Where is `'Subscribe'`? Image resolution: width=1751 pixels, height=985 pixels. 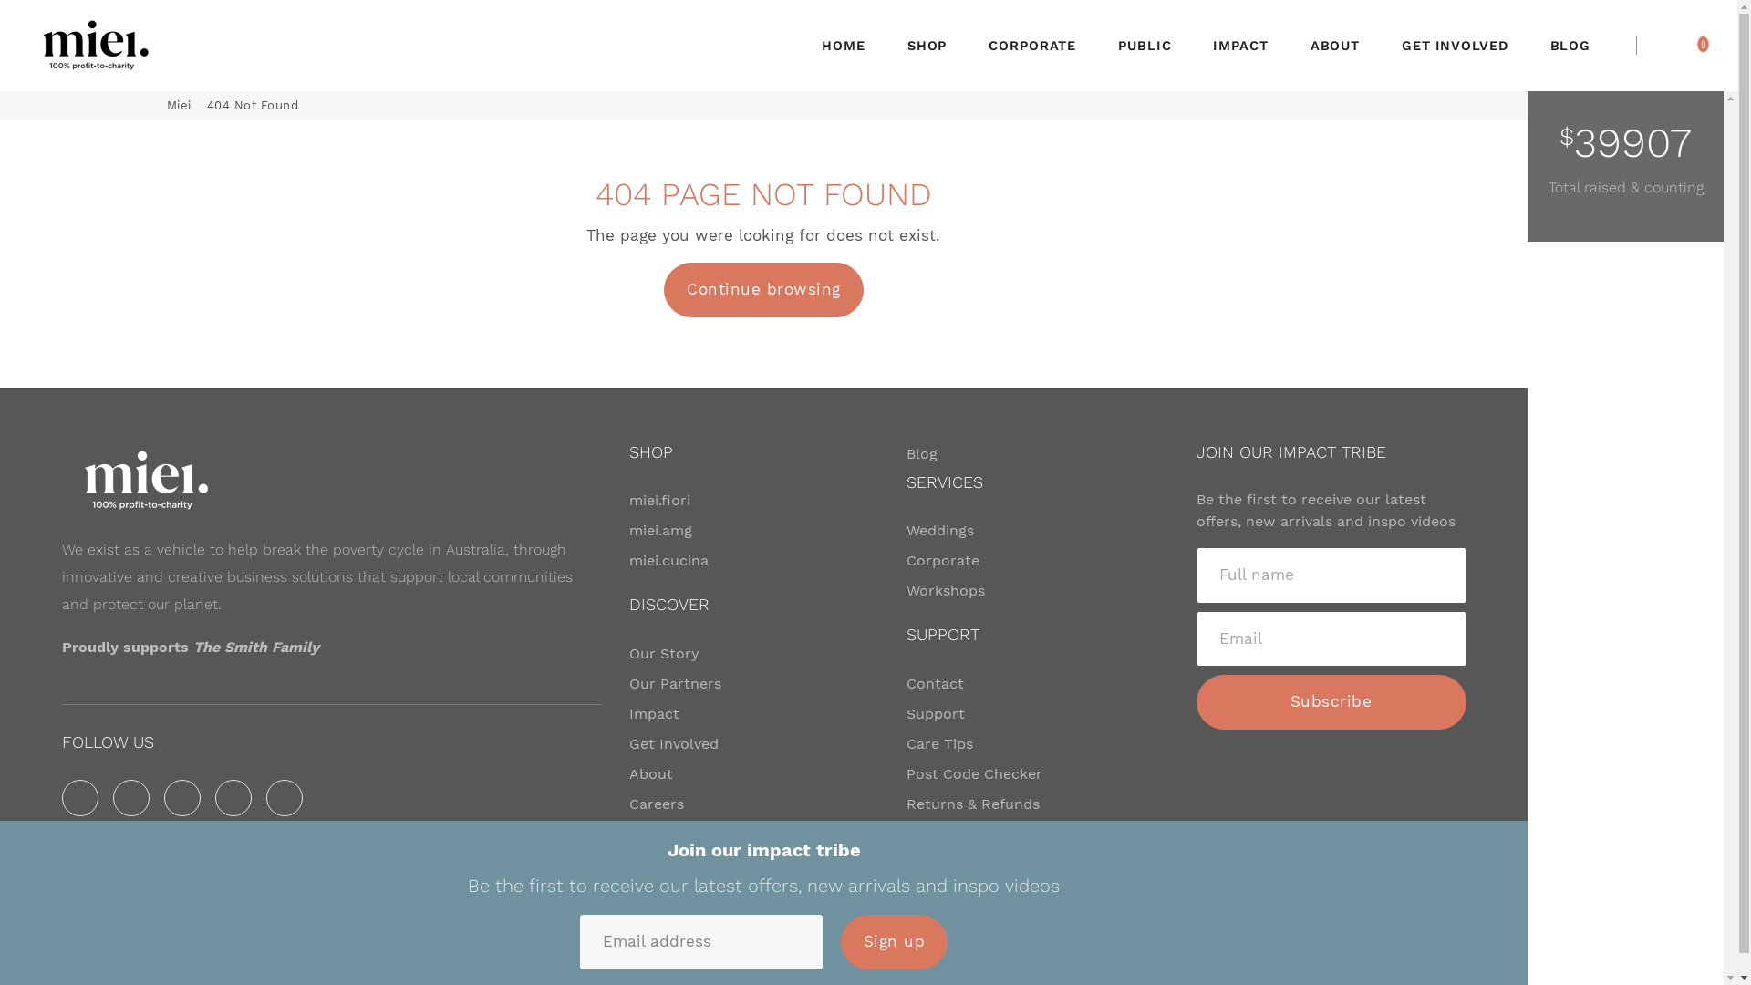 'Subscribe' is located at coordinates (1331, 701).